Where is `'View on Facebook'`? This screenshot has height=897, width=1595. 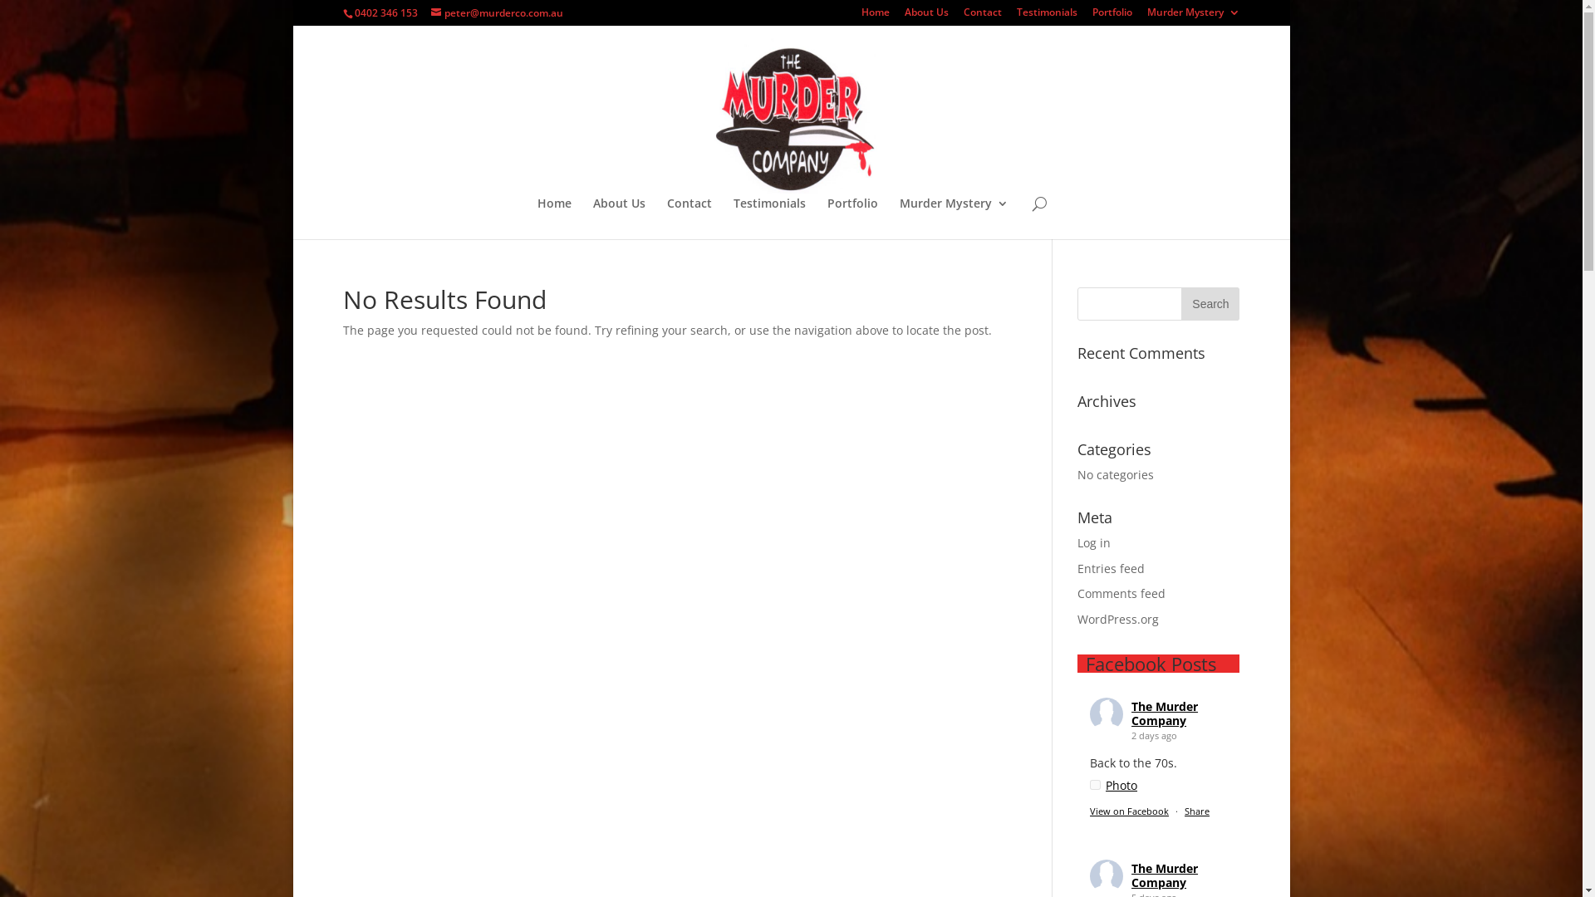
'View on Facebook' is located at coordinates (1129, 810).